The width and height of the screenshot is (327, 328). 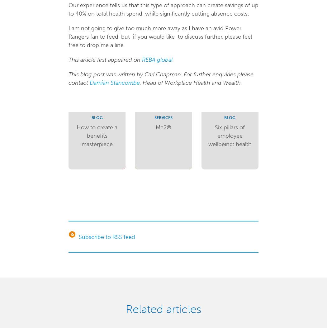 I want to click on ', Head of Workplace Health and Wealth.', so click(x=191, y=82).